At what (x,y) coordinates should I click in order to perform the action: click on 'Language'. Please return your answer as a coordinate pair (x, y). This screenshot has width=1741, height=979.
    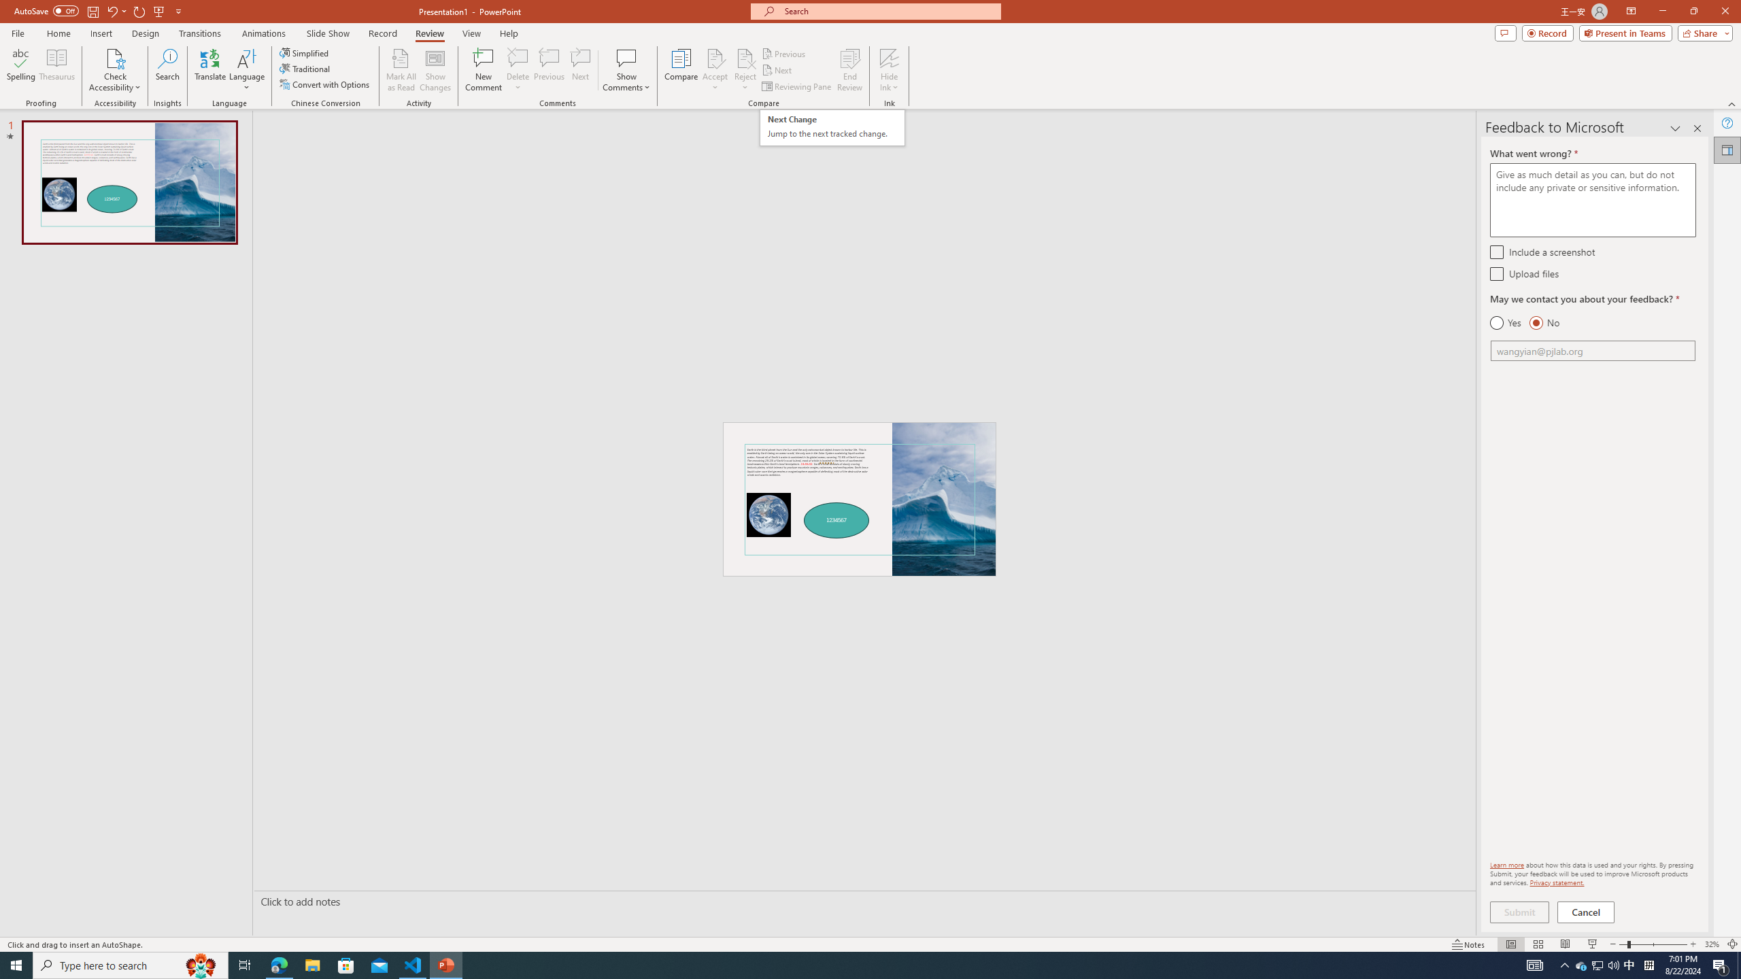
    Looking at the image, I should click on (246, 70).